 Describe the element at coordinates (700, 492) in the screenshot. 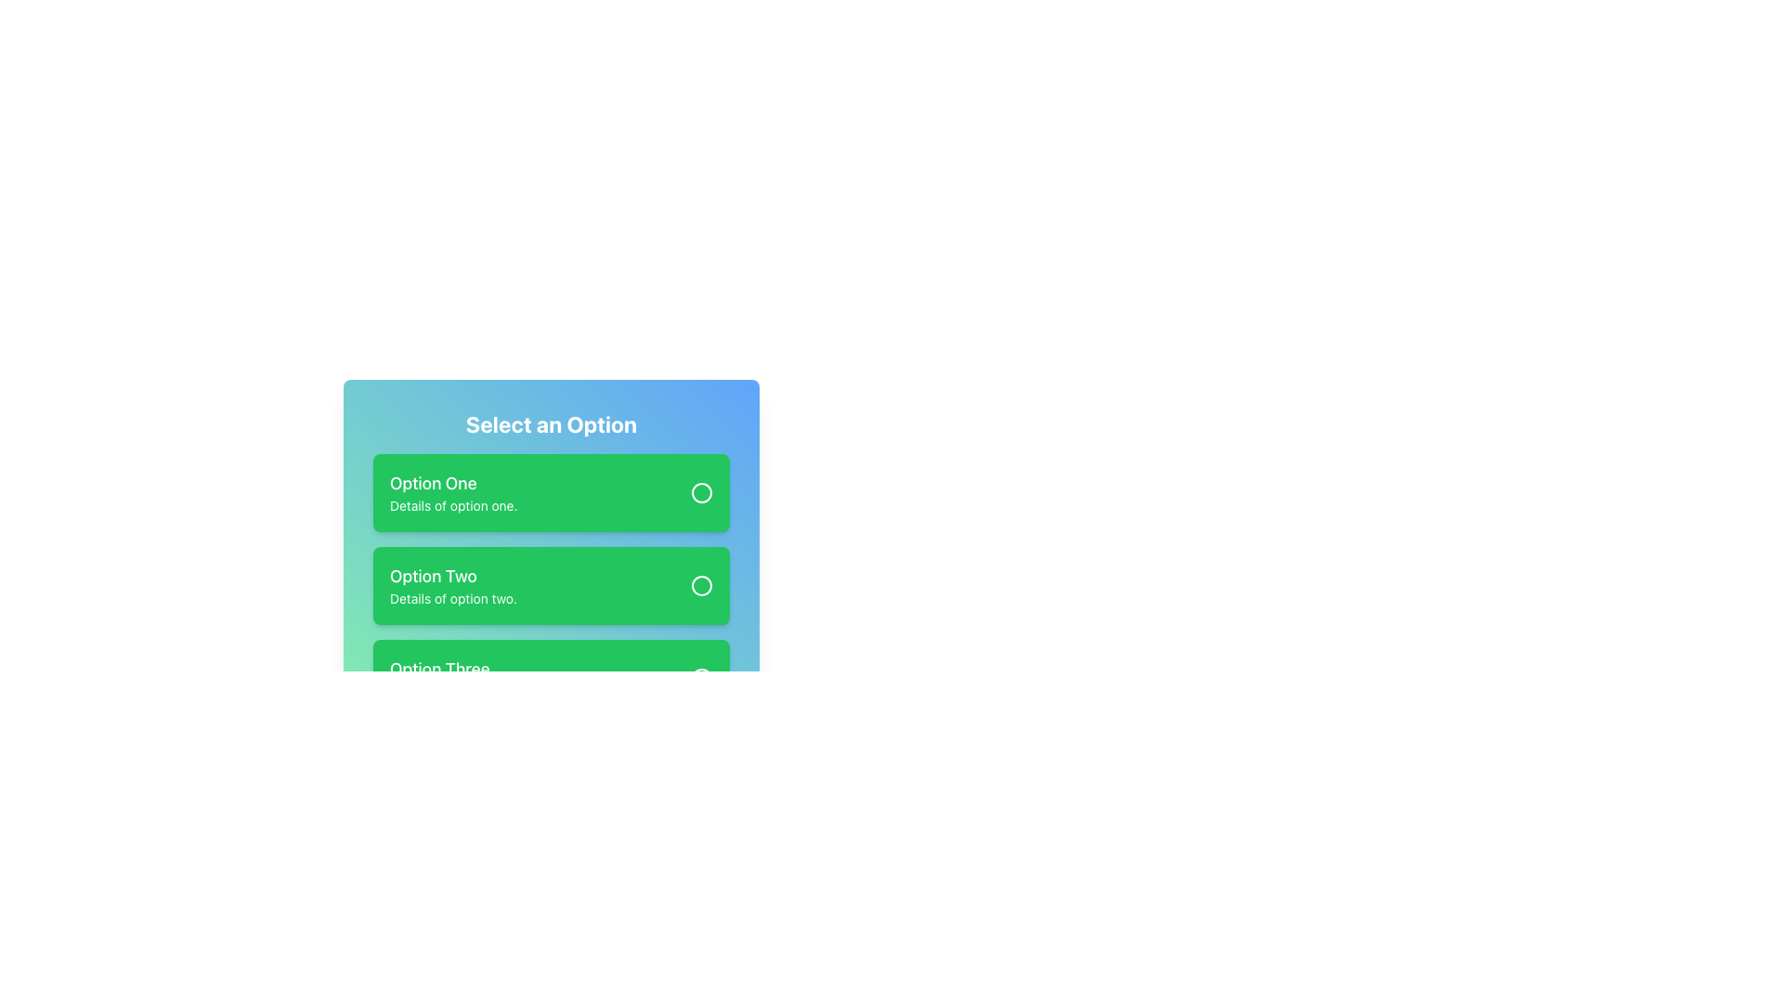

I see `the visual indicator icon for 'Option One', which is centered on the green button labeled 'Option One'` at that location.